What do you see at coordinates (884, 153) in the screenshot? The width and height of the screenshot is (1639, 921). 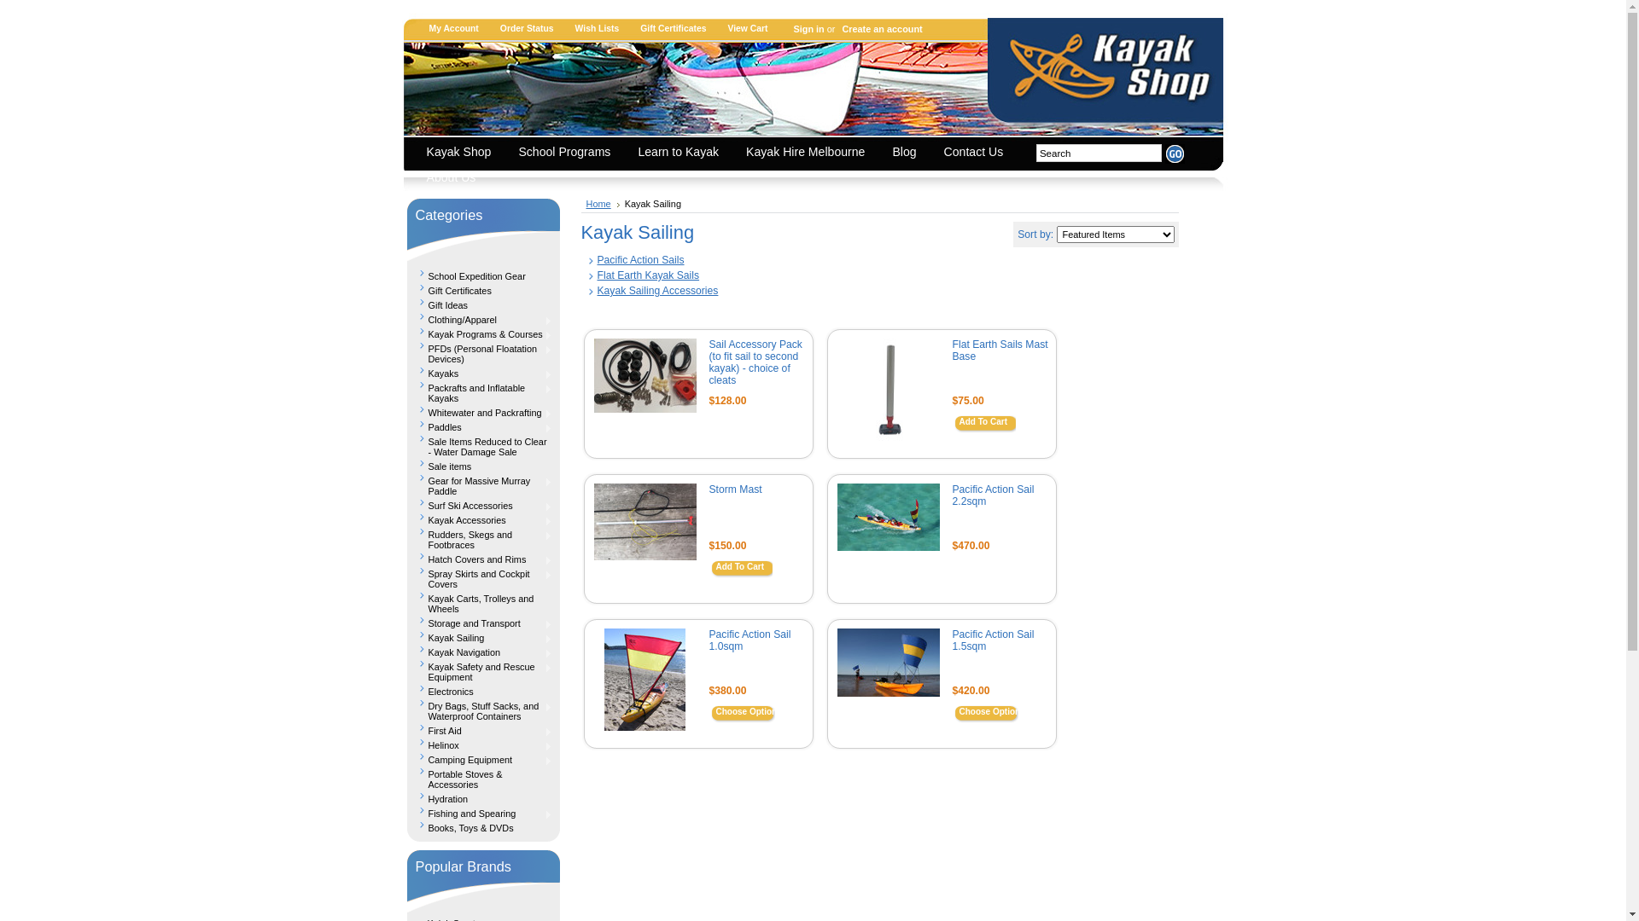 I see `'Blog'` at bounding box center [884, 153].